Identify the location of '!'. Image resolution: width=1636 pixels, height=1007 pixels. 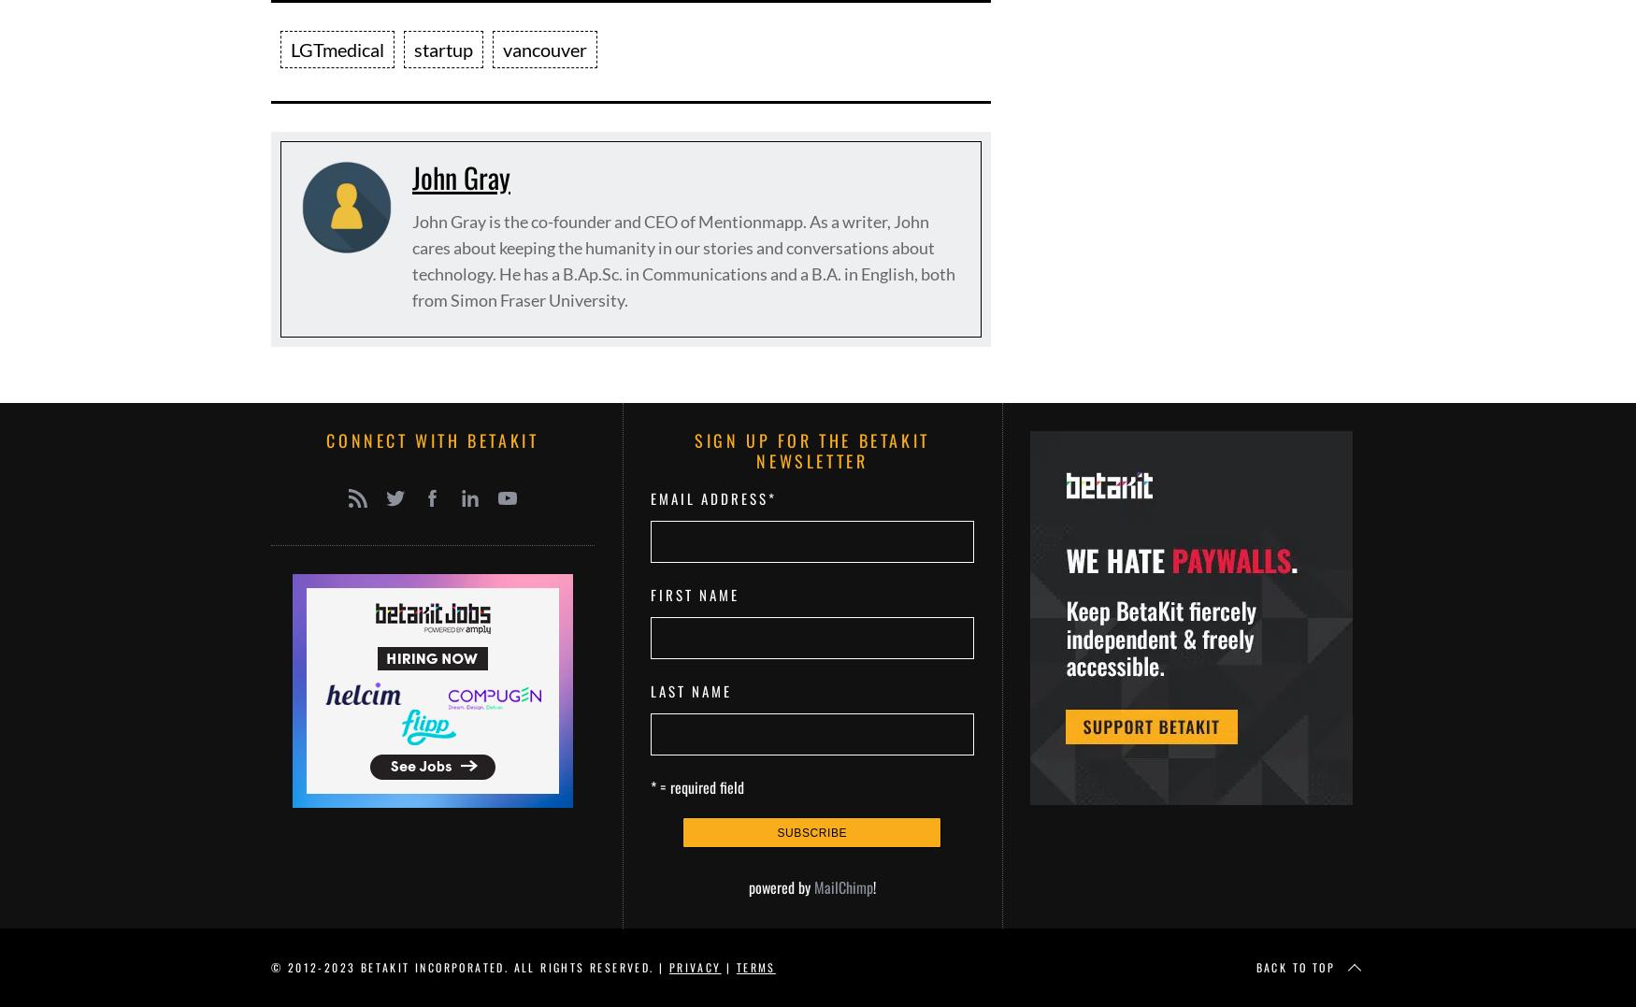
(872, 886).